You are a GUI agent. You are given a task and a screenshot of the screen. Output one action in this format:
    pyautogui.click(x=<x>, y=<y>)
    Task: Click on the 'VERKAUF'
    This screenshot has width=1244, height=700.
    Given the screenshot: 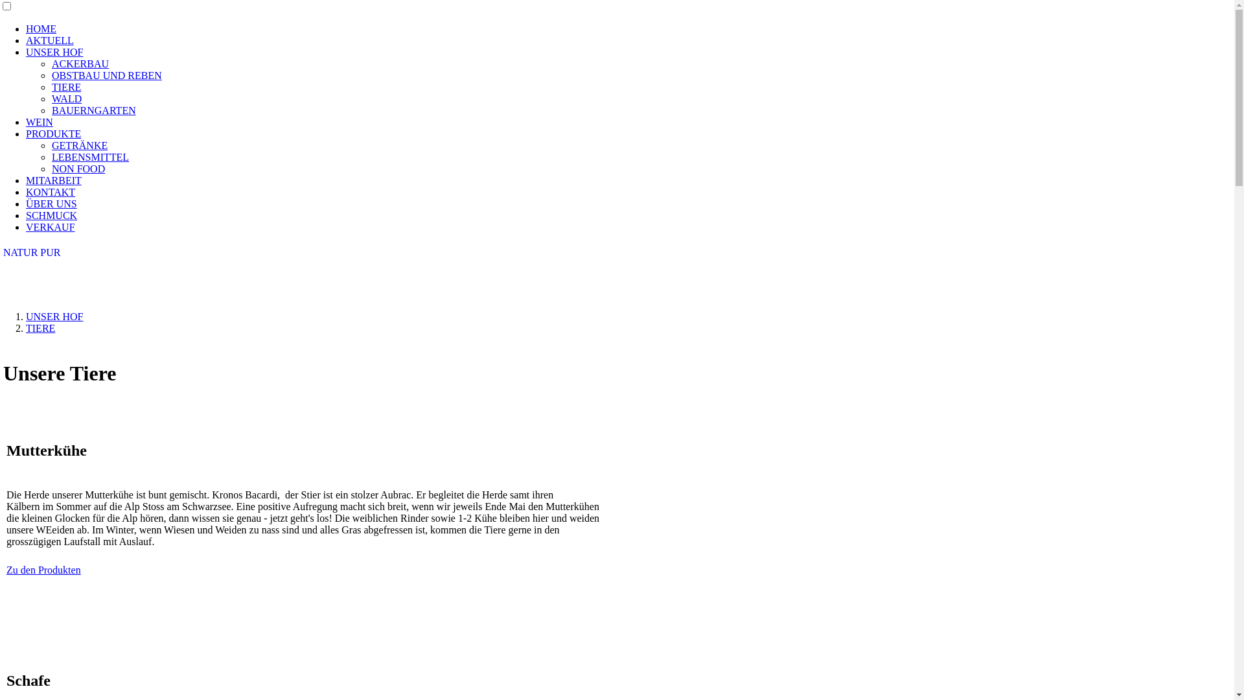 What is the action you would take?
    pyautogui.click(x=50, y=226)
    